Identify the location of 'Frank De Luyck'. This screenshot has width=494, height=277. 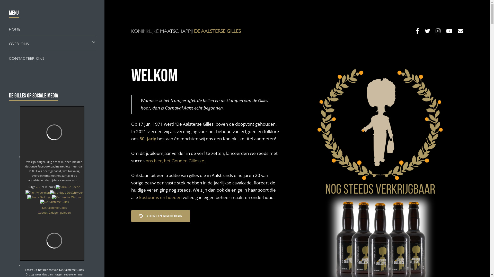
(39, 197).